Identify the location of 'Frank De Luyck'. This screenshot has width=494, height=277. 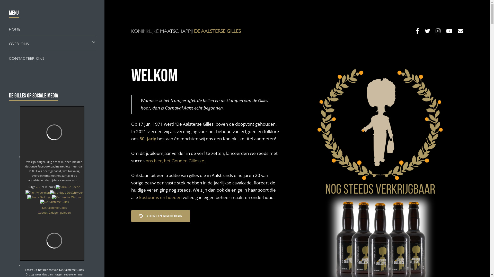
(39, 197).